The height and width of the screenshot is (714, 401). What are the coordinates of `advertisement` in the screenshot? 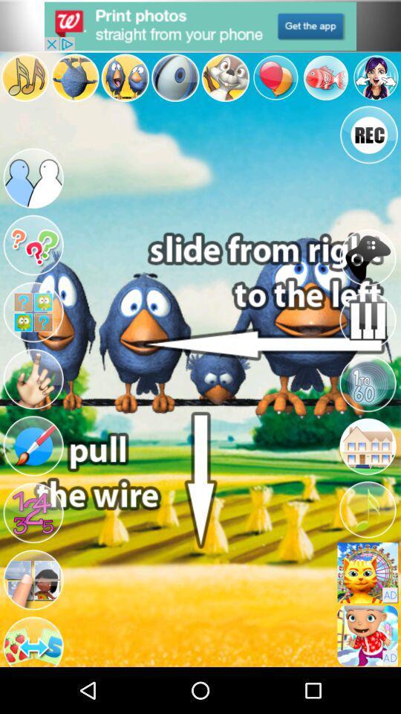 It's located at (200, 25).